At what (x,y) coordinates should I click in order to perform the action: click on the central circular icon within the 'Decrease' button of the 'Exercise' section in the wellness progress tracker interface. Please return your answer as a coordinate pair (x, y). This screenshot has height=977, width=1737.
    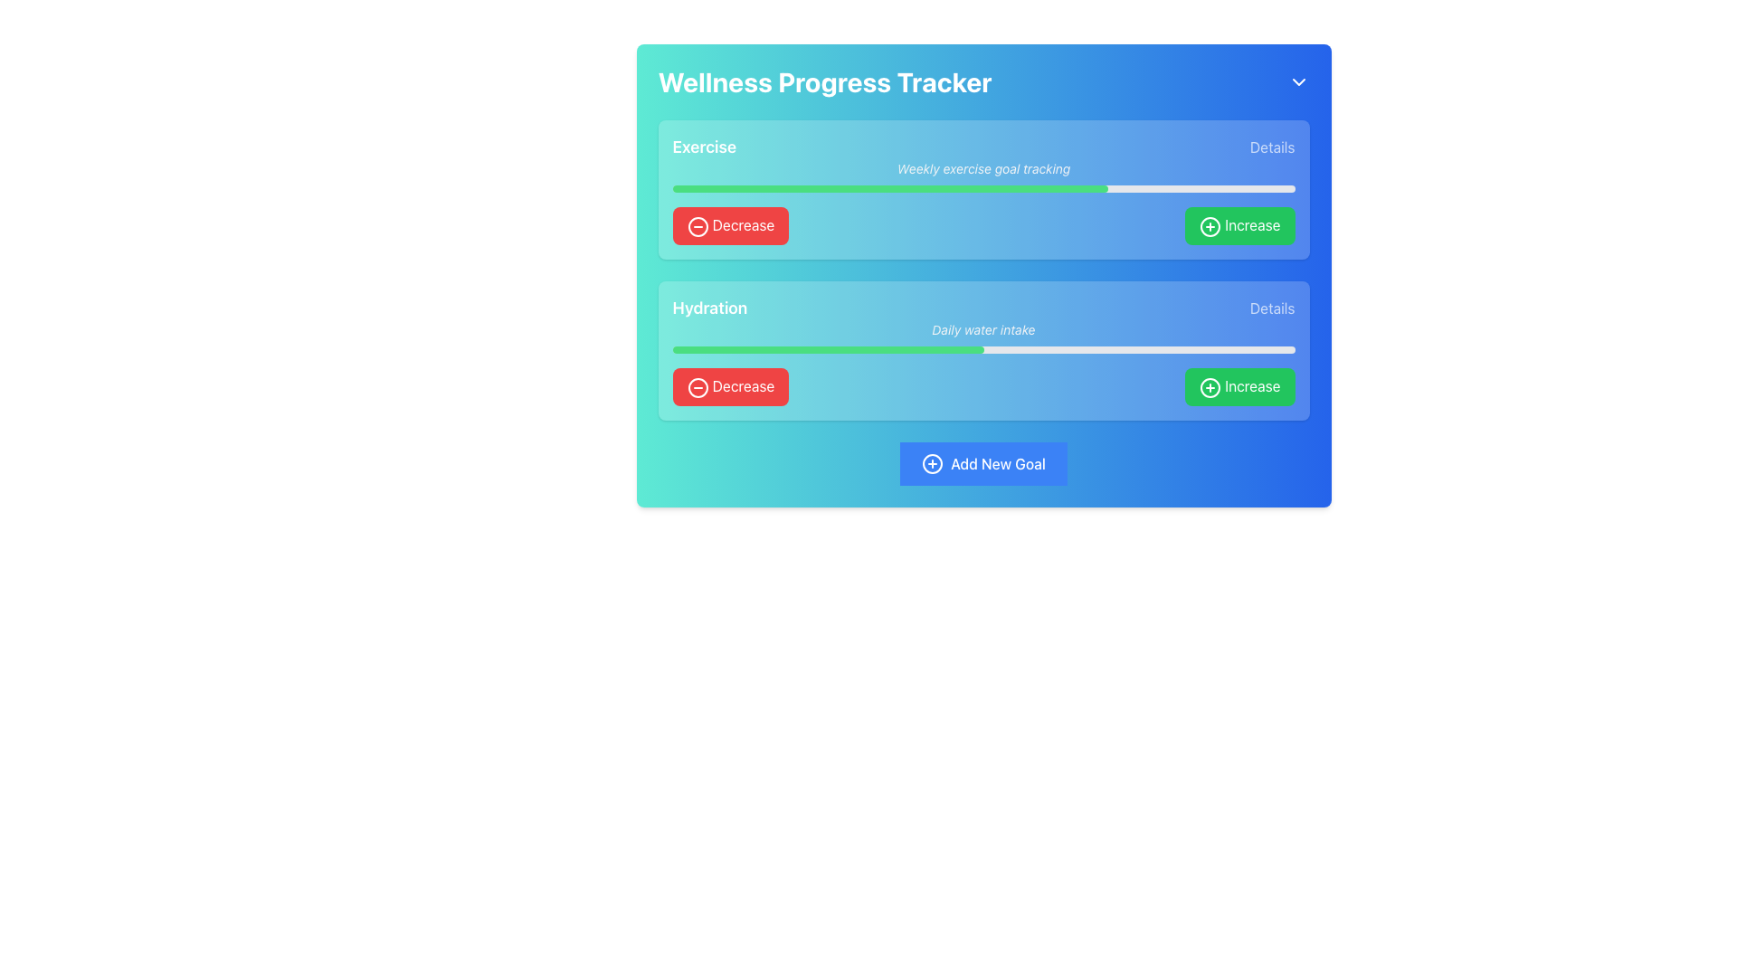
    Looking at the image, I should click on (697, 225).